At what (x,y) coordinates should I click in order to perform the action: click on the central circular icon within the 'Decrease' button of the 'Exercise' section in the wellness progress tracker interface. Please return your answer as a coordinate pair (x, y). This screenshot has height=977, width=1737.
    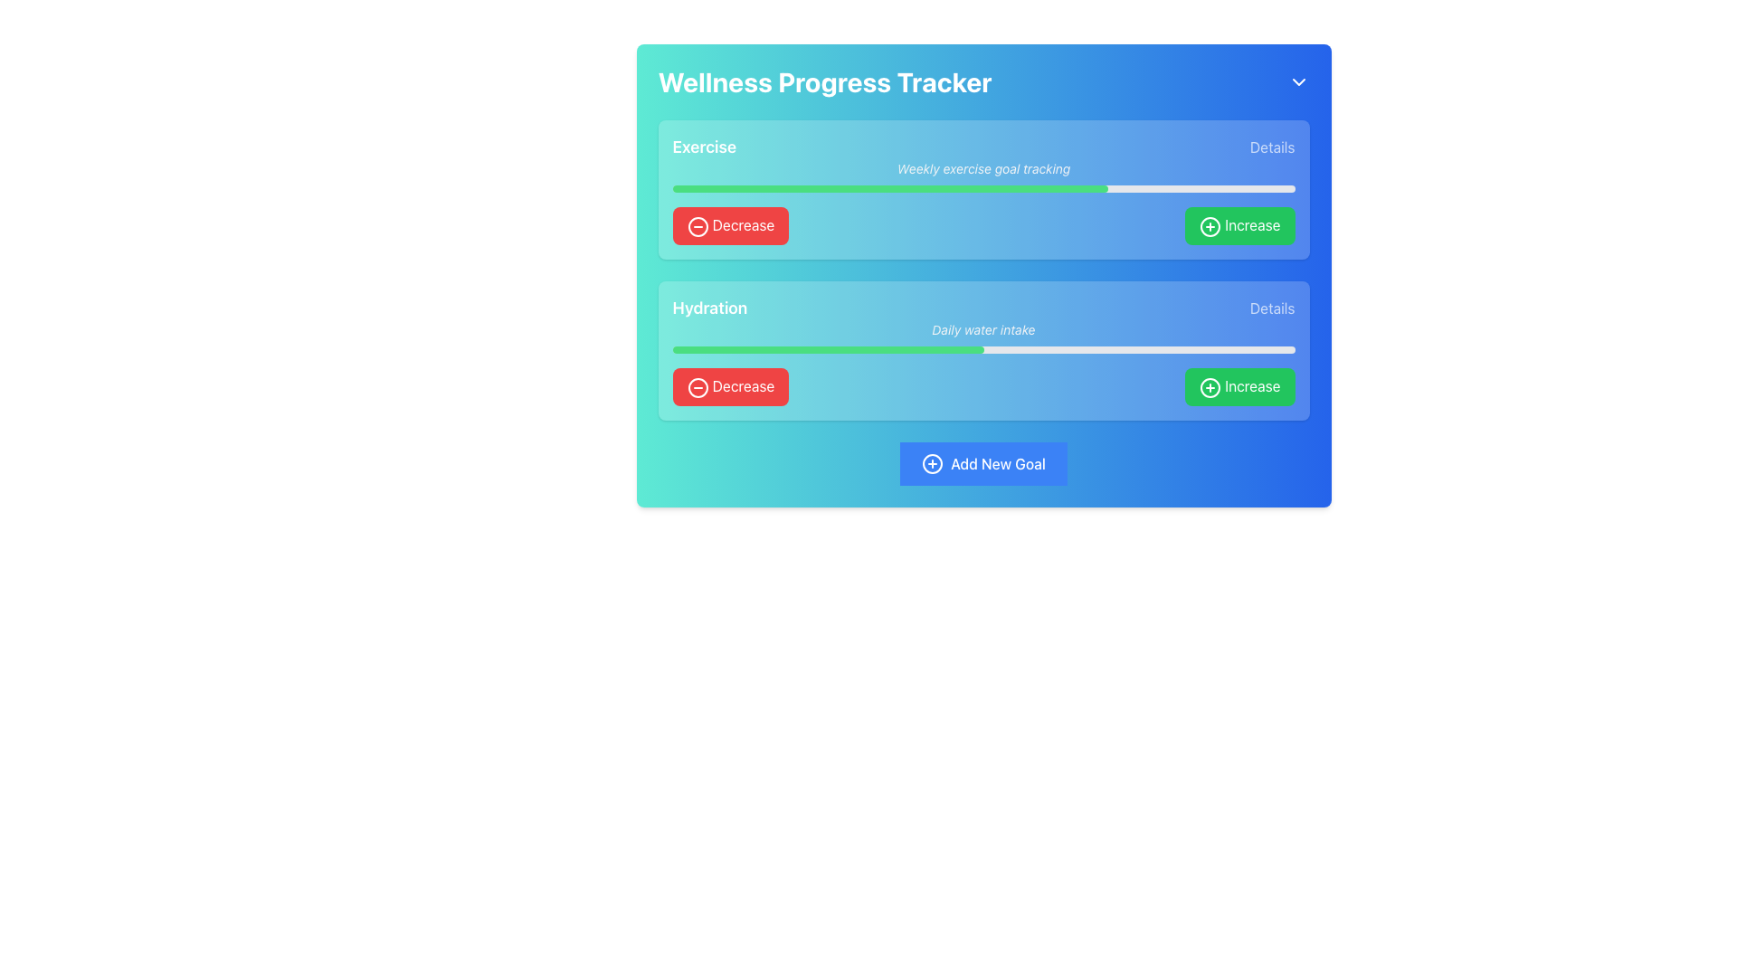
    Looking at the image, I should click on (697, 225).